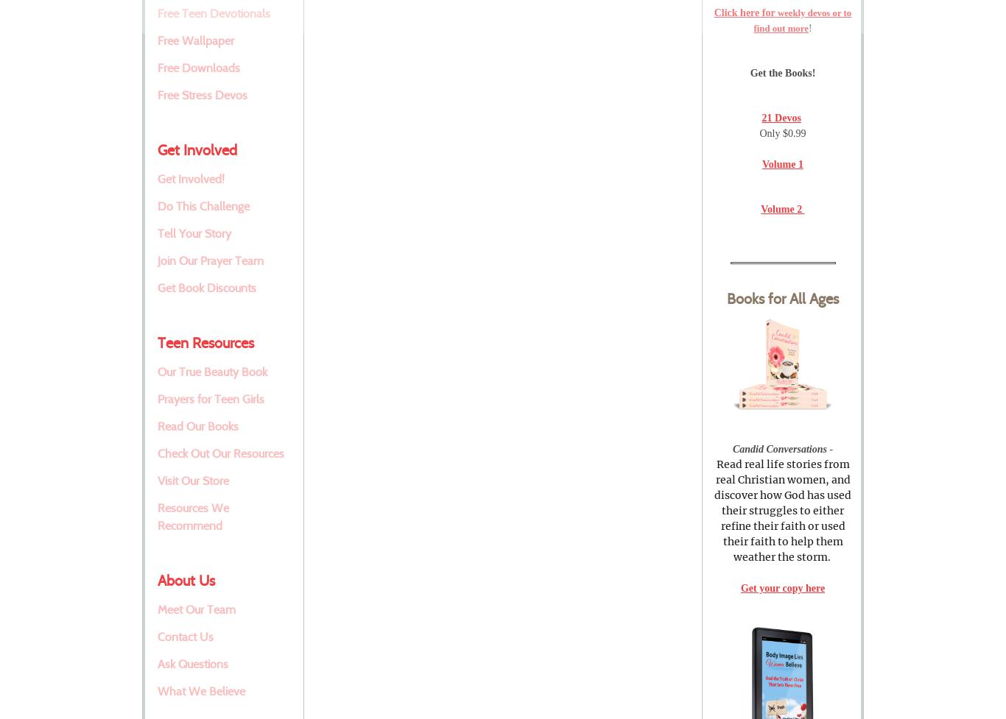 The width and height of the screenshot is (1006, 719). I want to click on 'Meet Our Team', so click(197, 609).